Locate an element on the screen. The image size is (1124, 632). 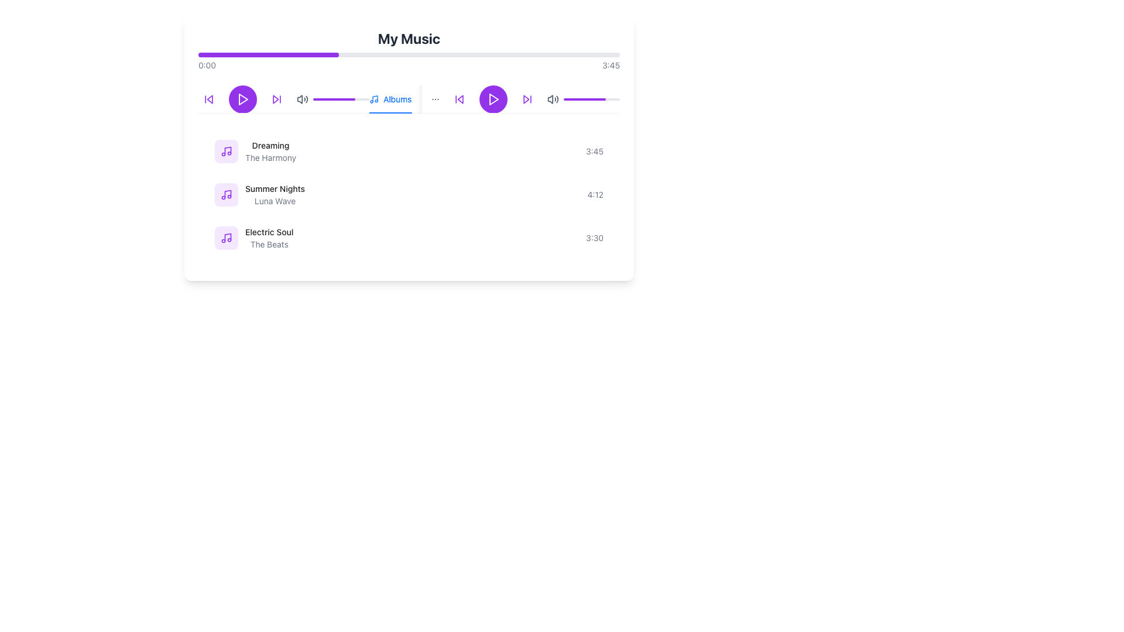
the progress indicator bar located within the audio controls section of the music player interface, which visually represents the current progress or volume level is located at coordinates (334, 98).